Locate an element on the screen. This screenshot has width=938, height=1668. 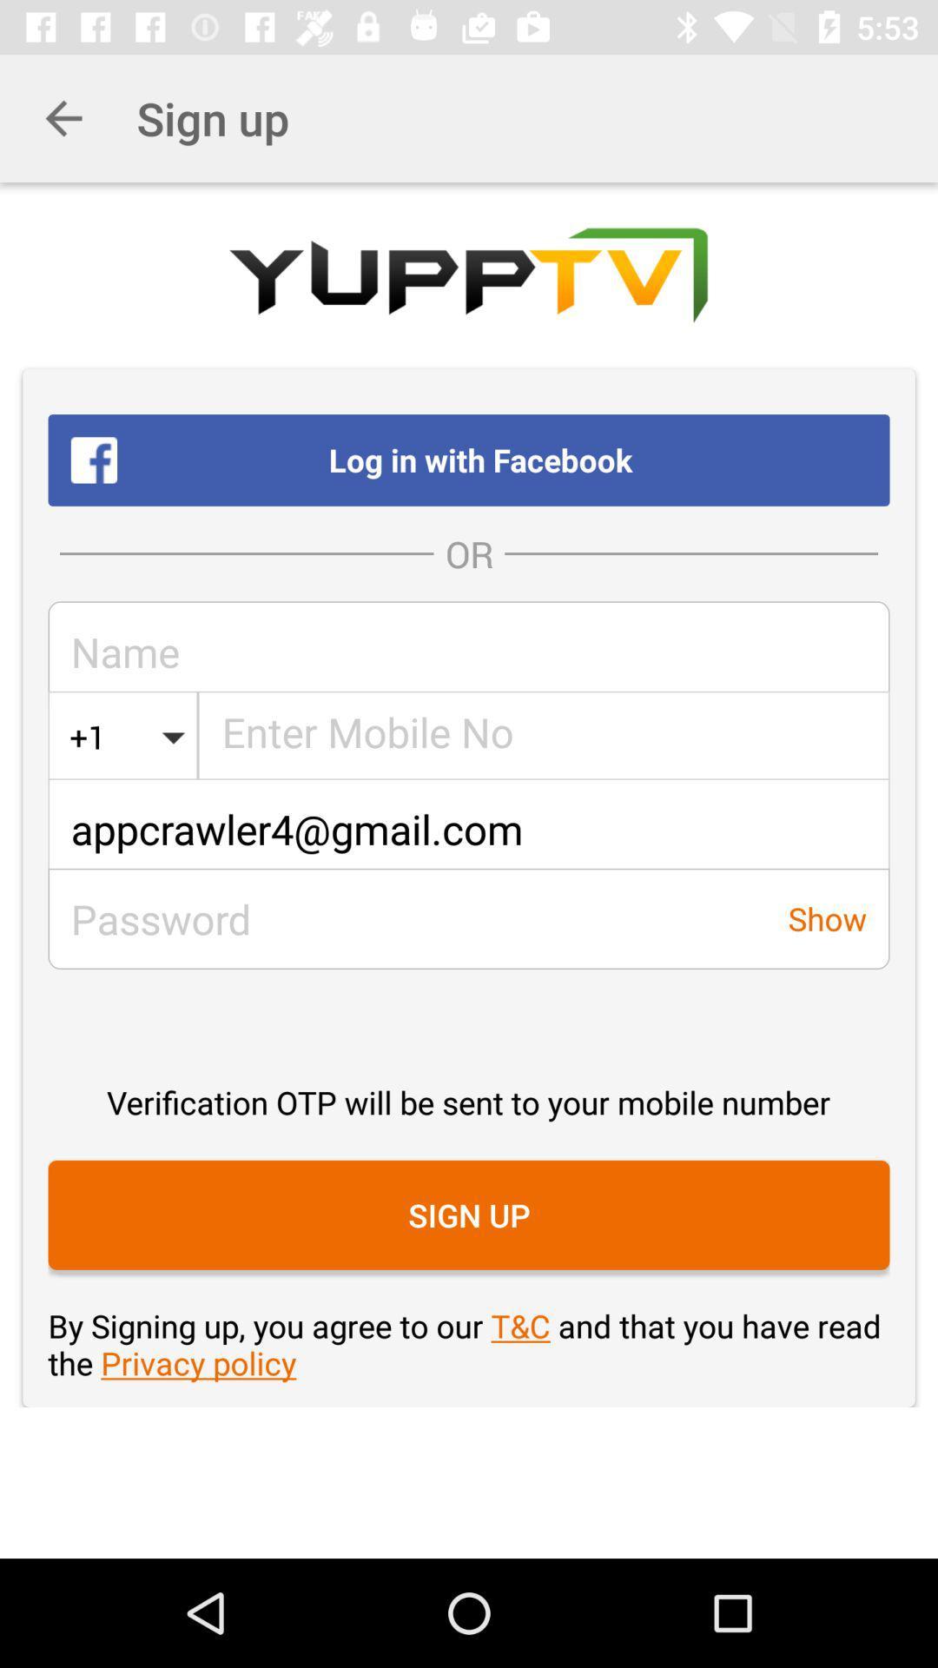
the item above united states item is located at coordinates (469, 651).